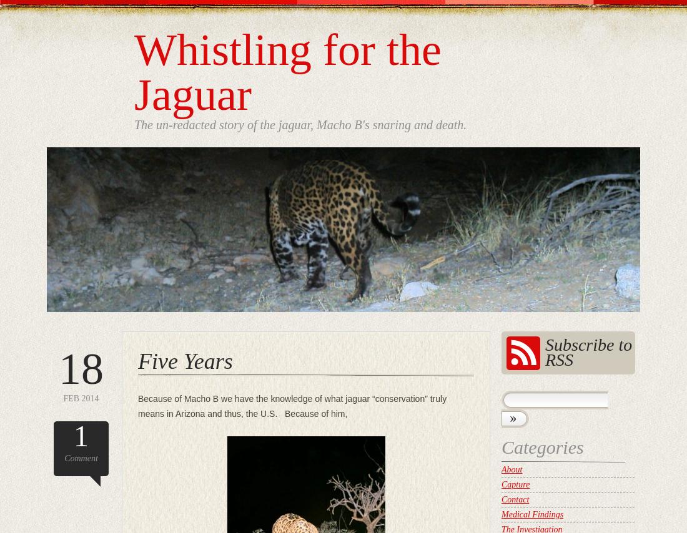 This screenshot has height=533, width=687. Describe the element at coordinates (515, 499) in the screenshot. I see `'Contact'` at that location.